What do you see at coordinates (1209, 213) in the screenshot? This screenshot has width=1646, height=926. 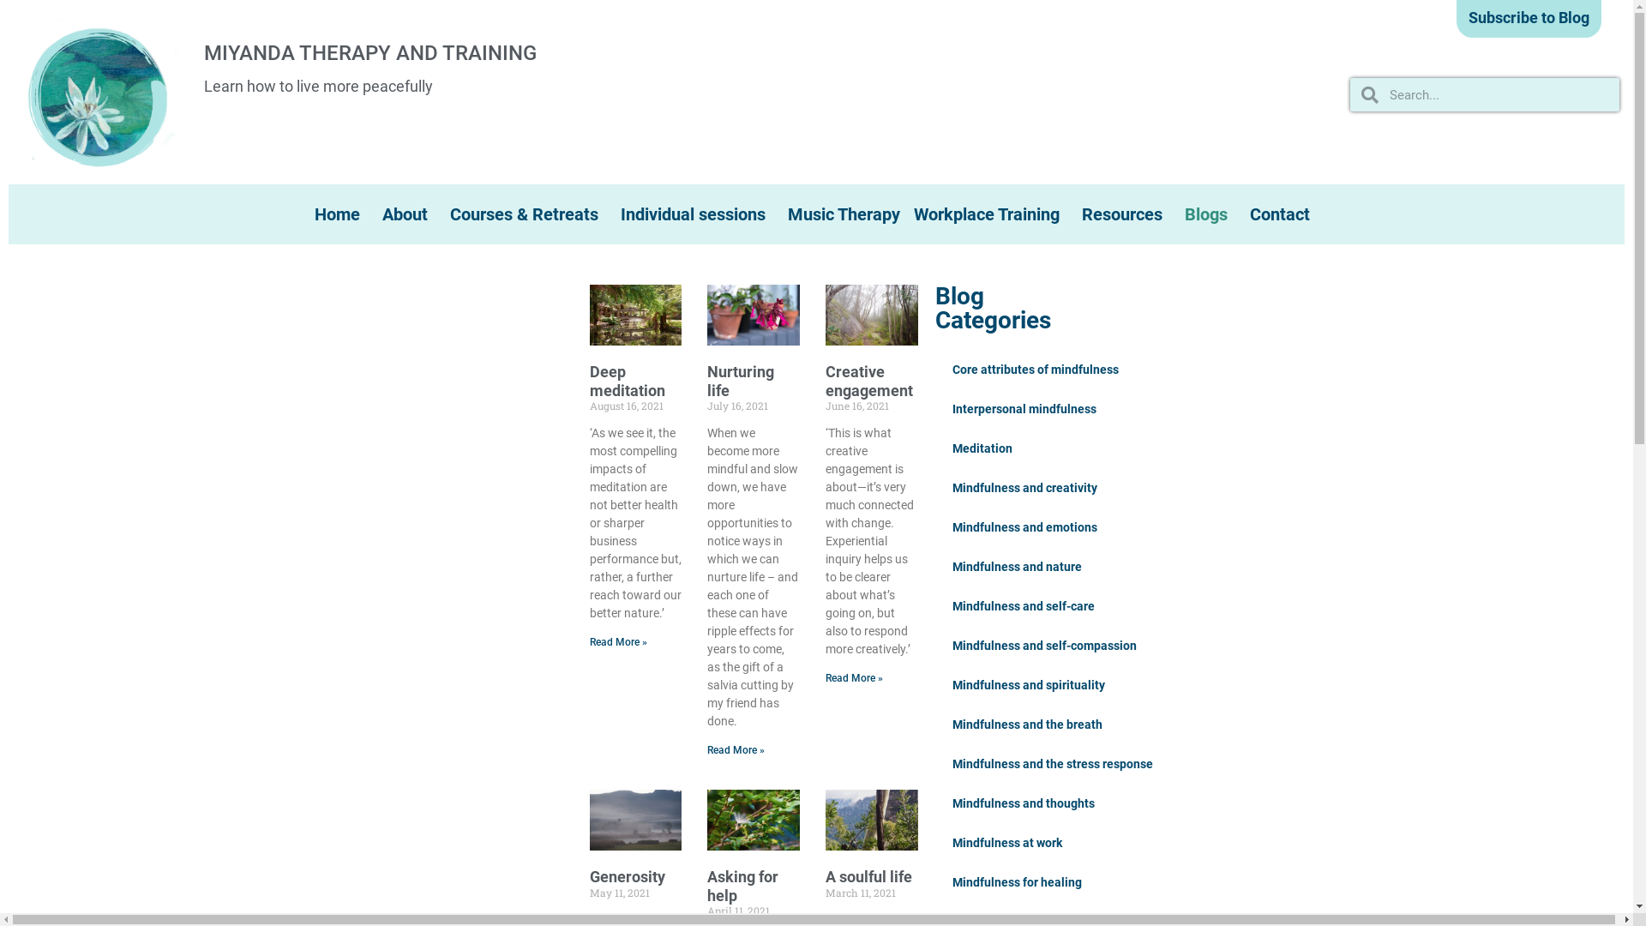 I see `'Blogs'` at bounding box center [1209, 213].